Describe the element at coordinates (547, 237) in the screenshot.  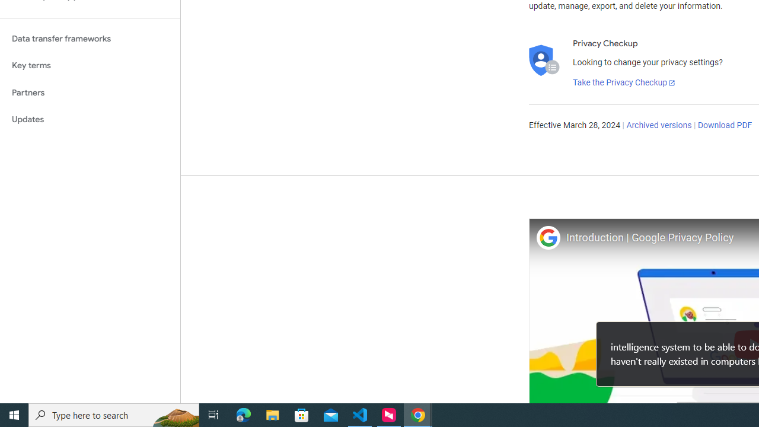
I see `'Photo image of Google'` at that location.